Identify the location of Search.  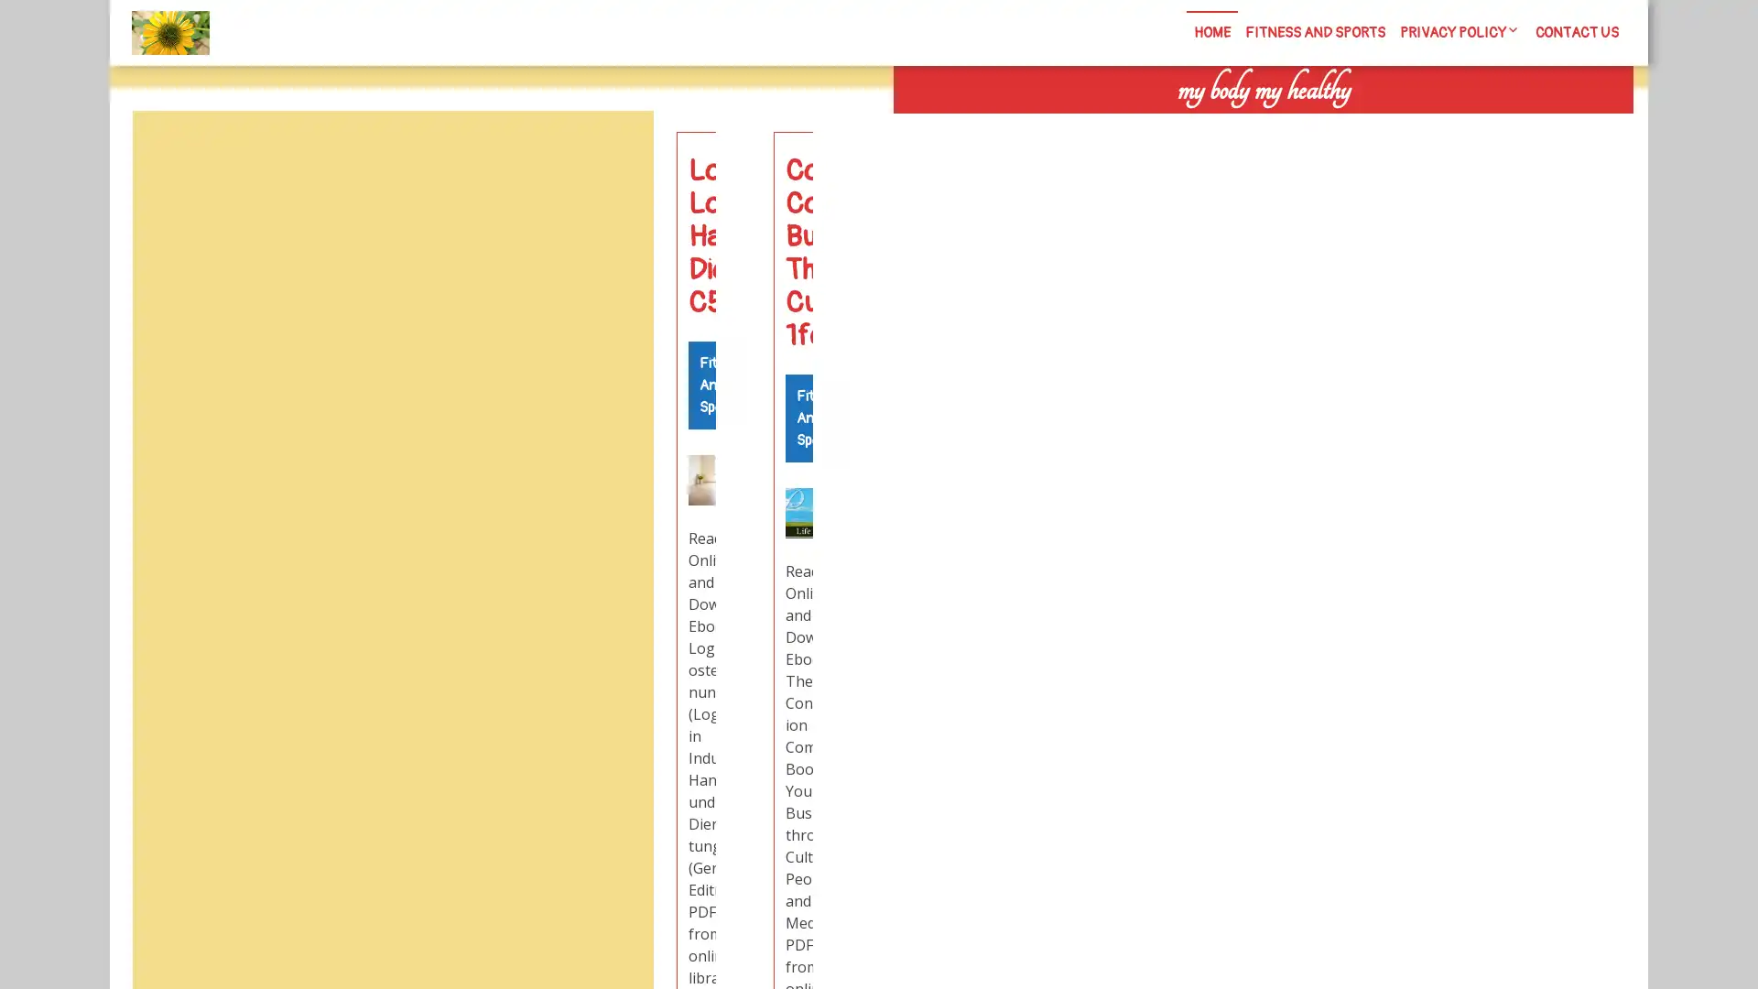
(611, 154).